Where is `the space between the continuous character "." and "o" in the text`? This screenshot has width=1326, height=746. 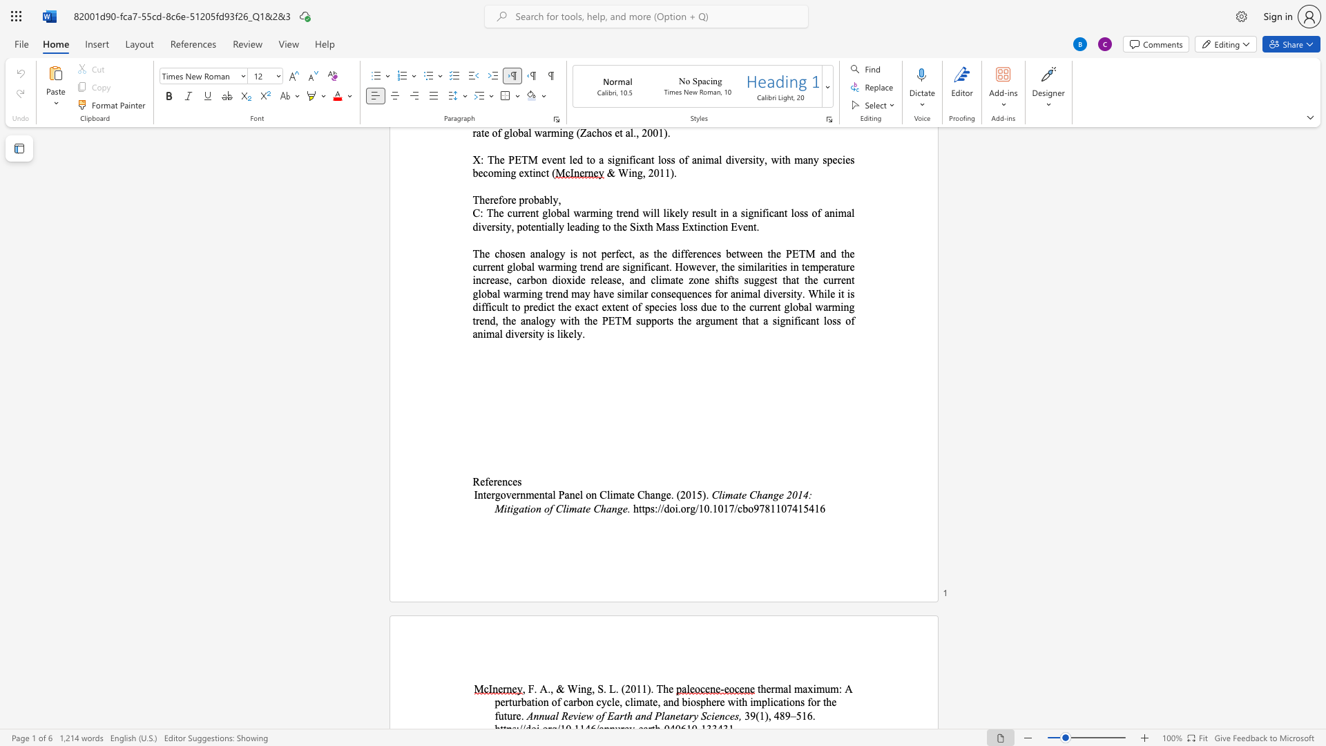 the space between the continuous character "." and "o" in the text is located at coordinates (681, 508).